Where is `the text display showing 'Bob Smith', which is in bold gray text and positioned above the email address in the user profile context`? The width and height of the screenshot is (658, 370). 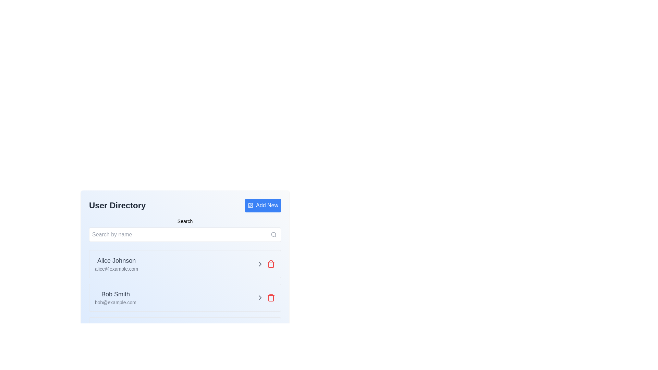 the text display showing 'Bob Smith', which is in bold gray text and positioned above the email address in the user profile context is located at coordinates (115, 294).